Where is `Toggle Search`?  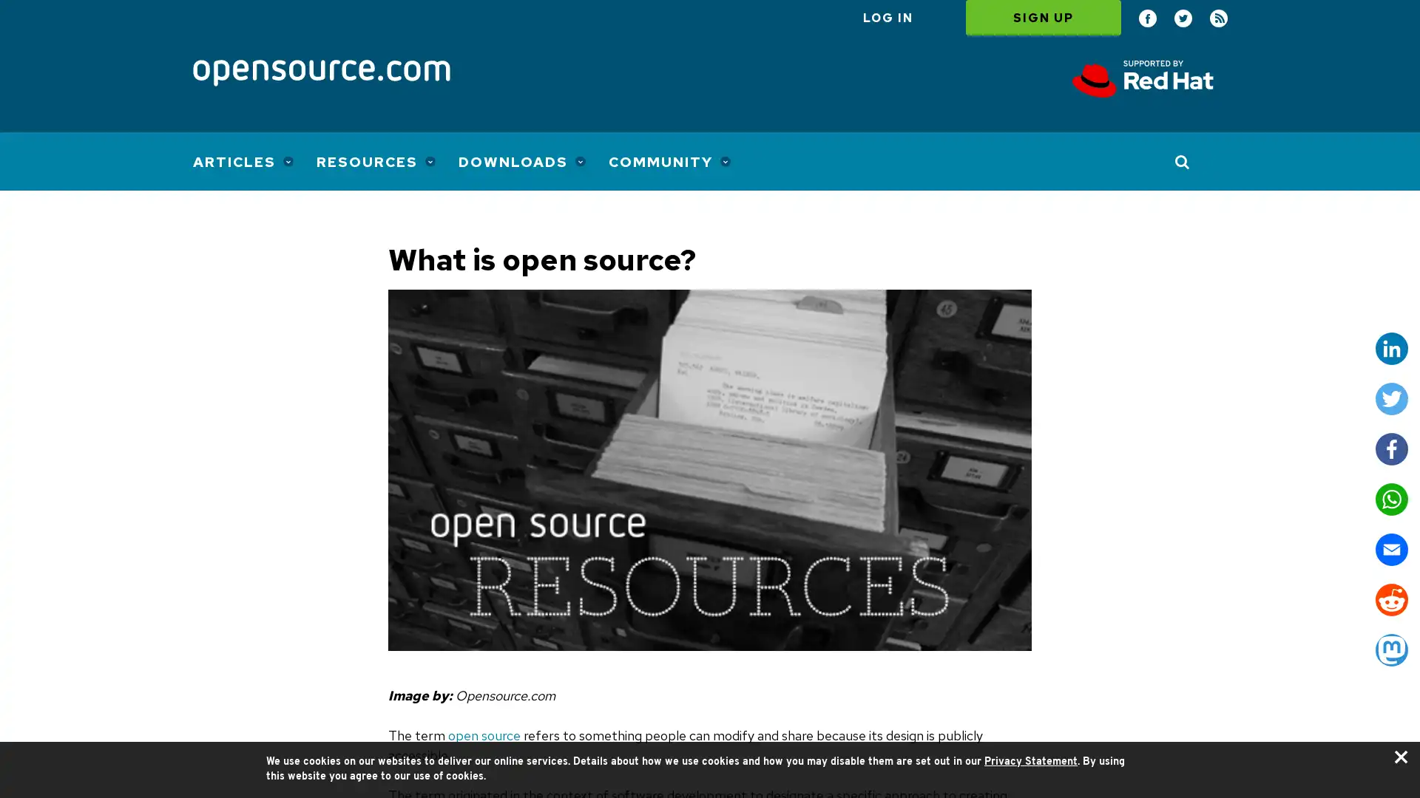
Toggle Search is located at coordinates (1182, 161).